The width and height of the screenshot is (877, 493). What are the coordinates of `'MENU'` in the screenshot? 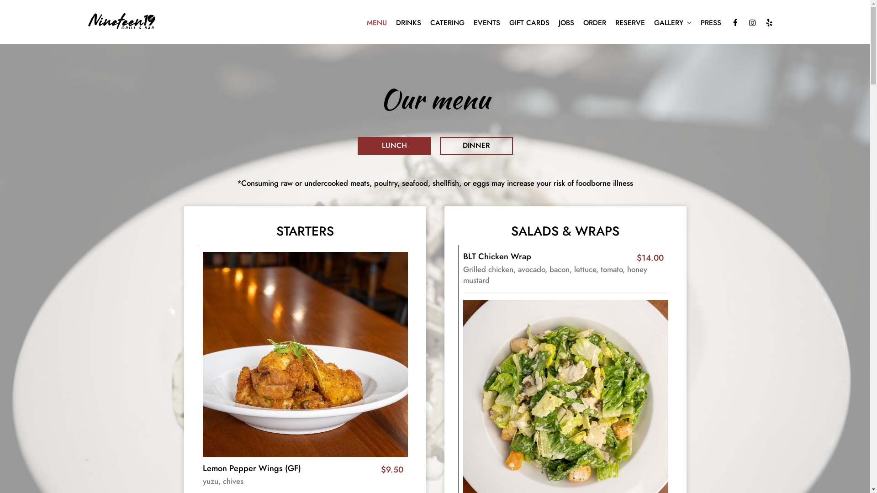 It's located at (361, 22).